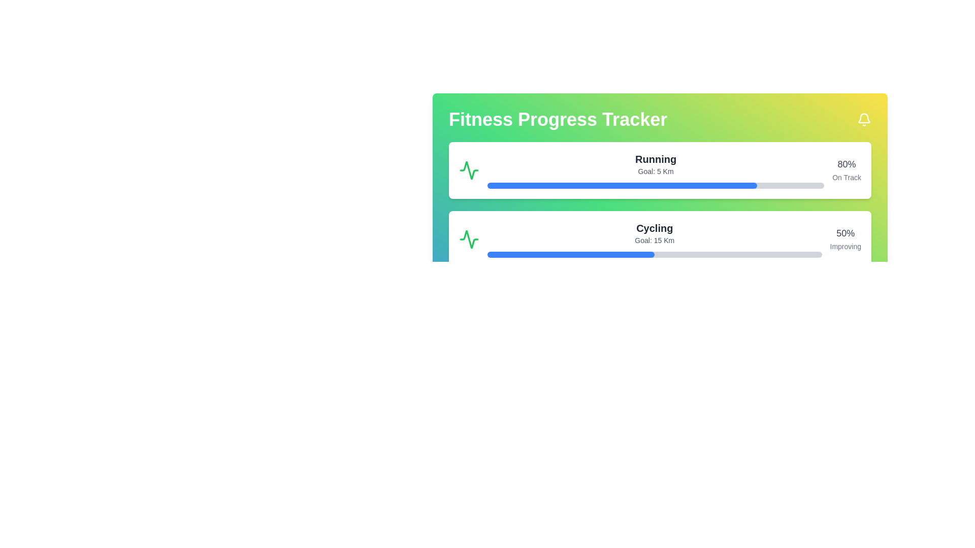  What do you see at coordinates (656, 159) in the screenshot?
I see `the static text labeled 'Running' which is styled in bold and semibold font, located centrally in the fitness tracker application interface` at bounding box center [656, 159].